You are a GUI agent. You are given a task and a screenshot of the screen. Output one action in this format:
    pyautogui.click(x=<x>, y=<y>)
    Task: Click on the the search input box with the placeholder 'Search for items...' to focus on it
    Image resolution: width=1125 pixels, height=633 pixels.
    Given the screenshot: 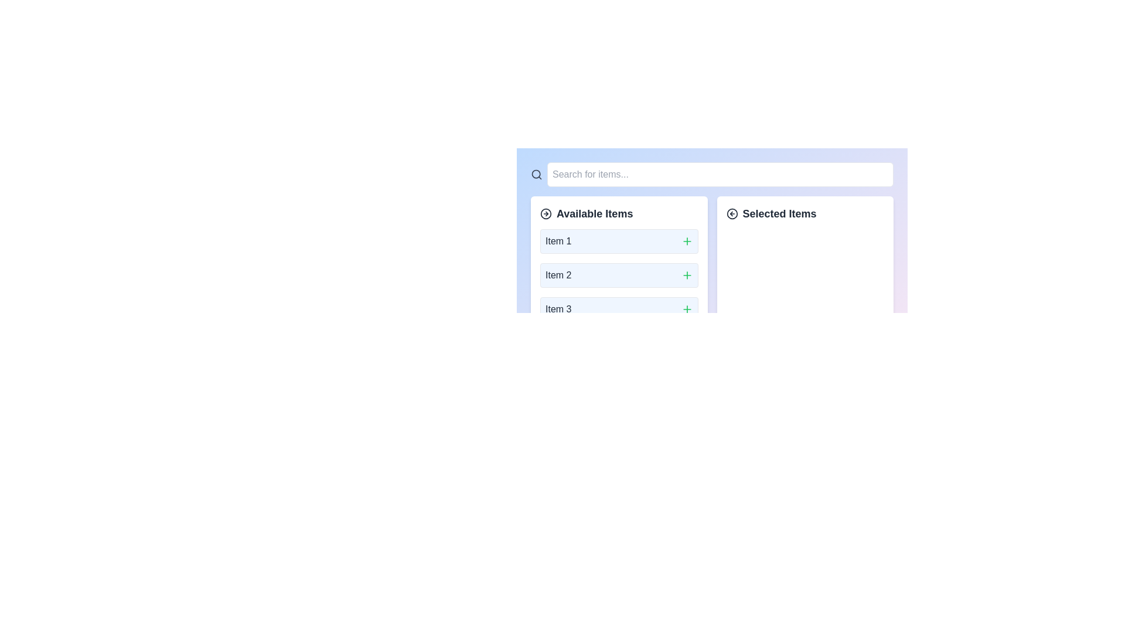 What is the action you would take?
    pyautogui.click(x=720, y=174)
    